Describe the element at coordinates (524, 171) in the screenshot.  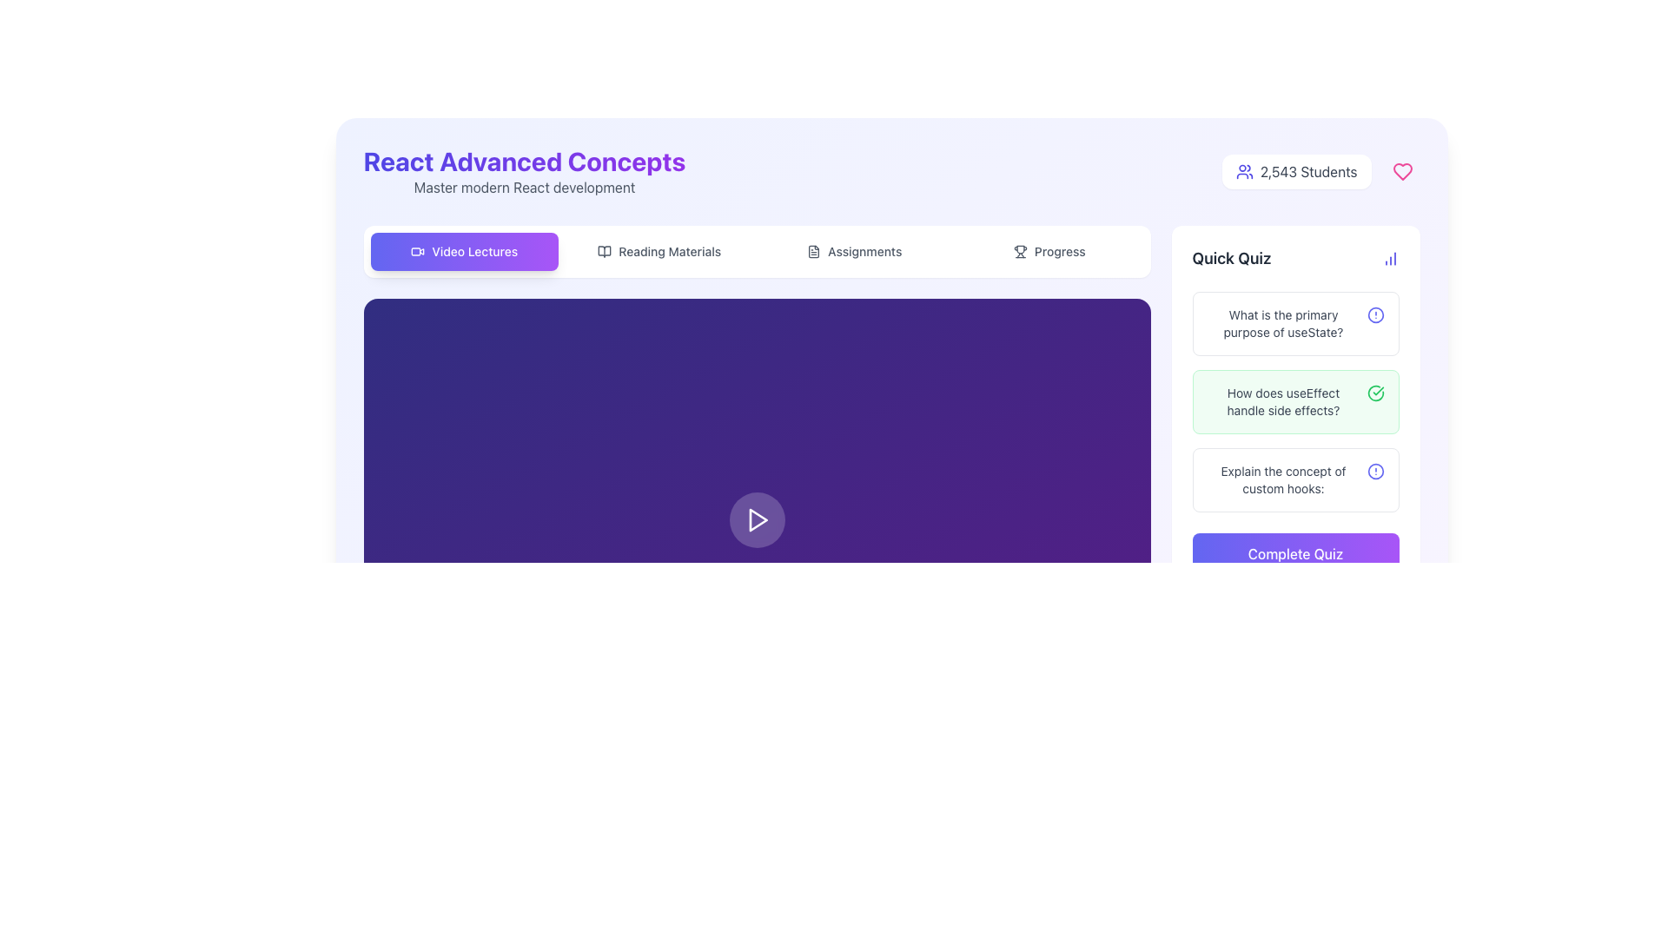
I see `the text block that serves as the title and subtitle of a section, located near the top-left side of the interface` at that location.